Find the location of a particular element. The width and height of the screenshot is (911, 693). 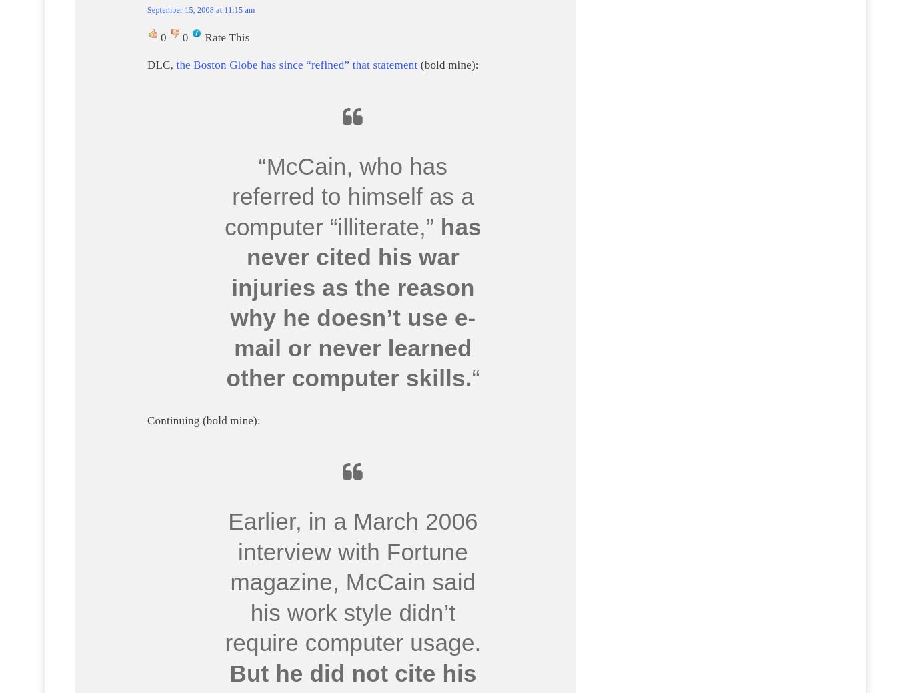

'has never cited his war injuries as the reason why he doesn’t use e-mail or never learned other computer skills.' is located at coordinates (226, 302).